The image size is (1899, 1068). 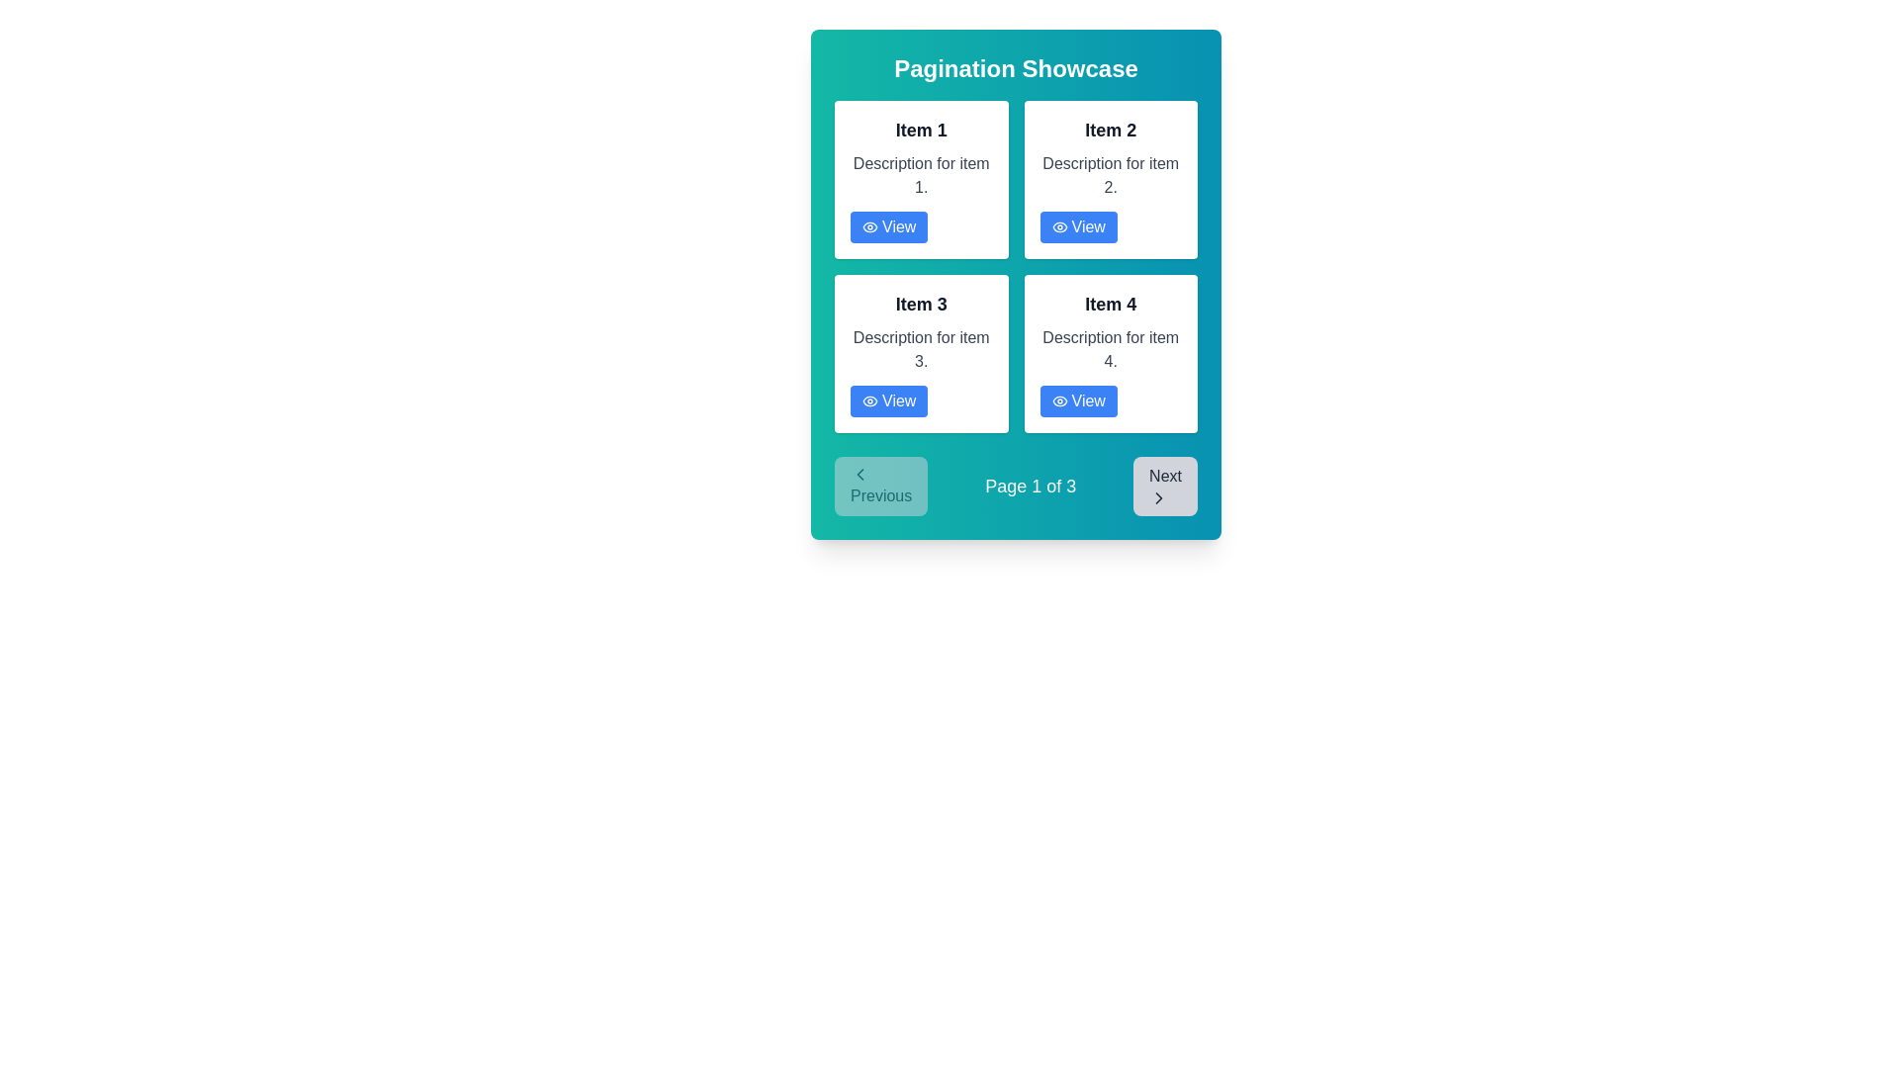 What do you see at coordinates (869, 400) in the screenshot?
I see `the eye-shaped icon within the 'View' button associated with 'Item 3' in the grid layout` at bounding box center [869, 400].